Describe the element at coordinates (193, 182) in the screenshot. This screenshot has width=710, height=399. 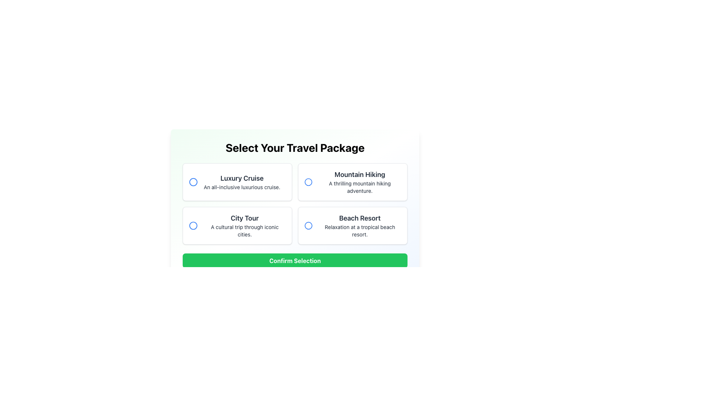
I see `the current state of the Radio Button Indicator located in the 'Luxury Cruise' card, which indicates whether the option is selected` at that location.